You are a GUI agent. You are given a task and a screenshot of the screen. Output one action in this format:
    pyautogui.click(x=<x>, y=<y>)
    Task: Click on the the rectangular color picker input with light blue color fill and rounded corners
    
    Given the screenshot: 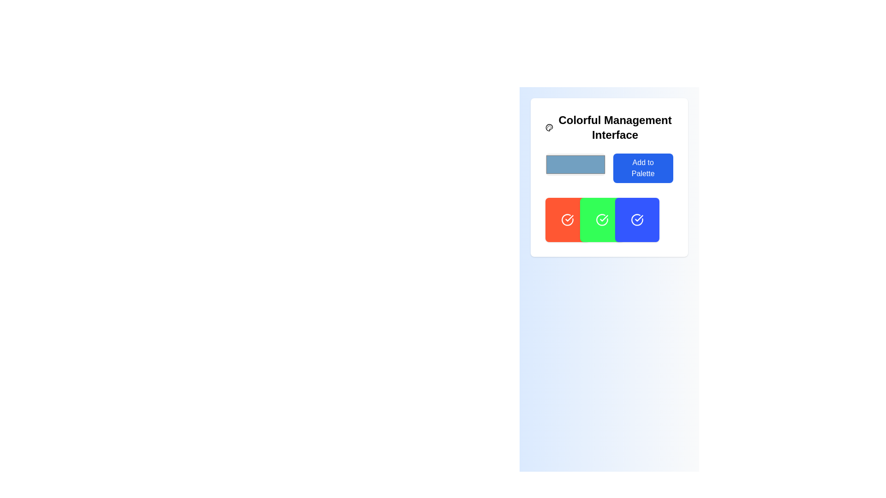 What is the action you would take?
    pyautogui.click(x=575, y=164)
    